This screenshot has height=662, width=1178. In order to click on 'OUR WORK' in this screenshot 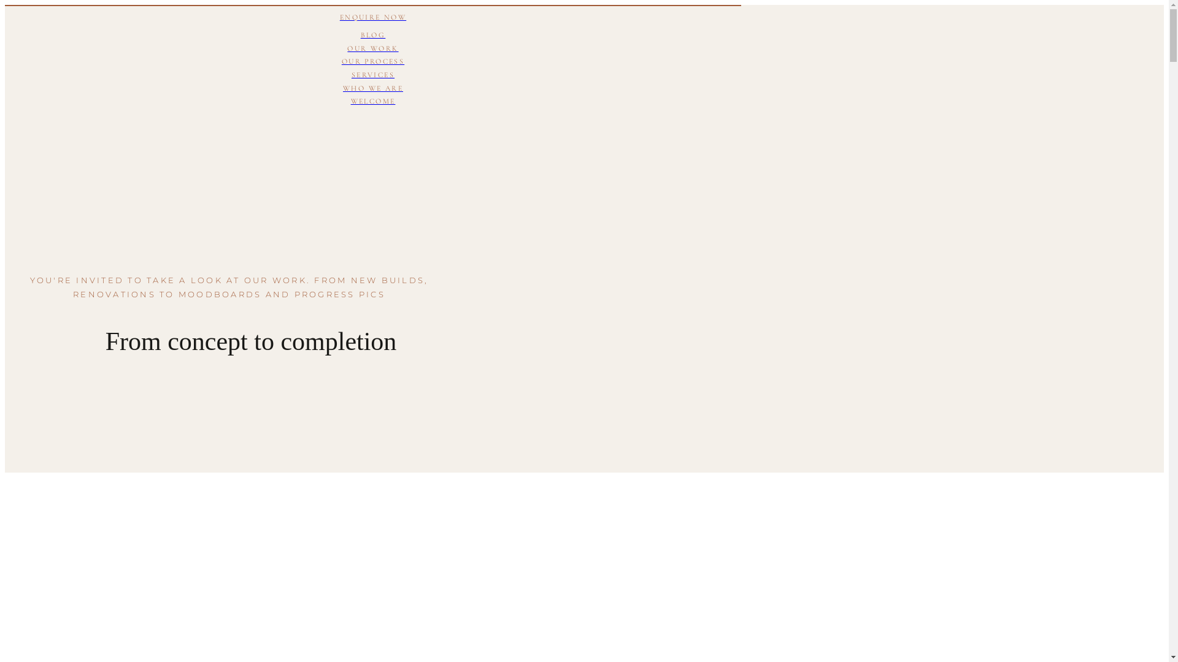, I will do `click(372, 48)`.